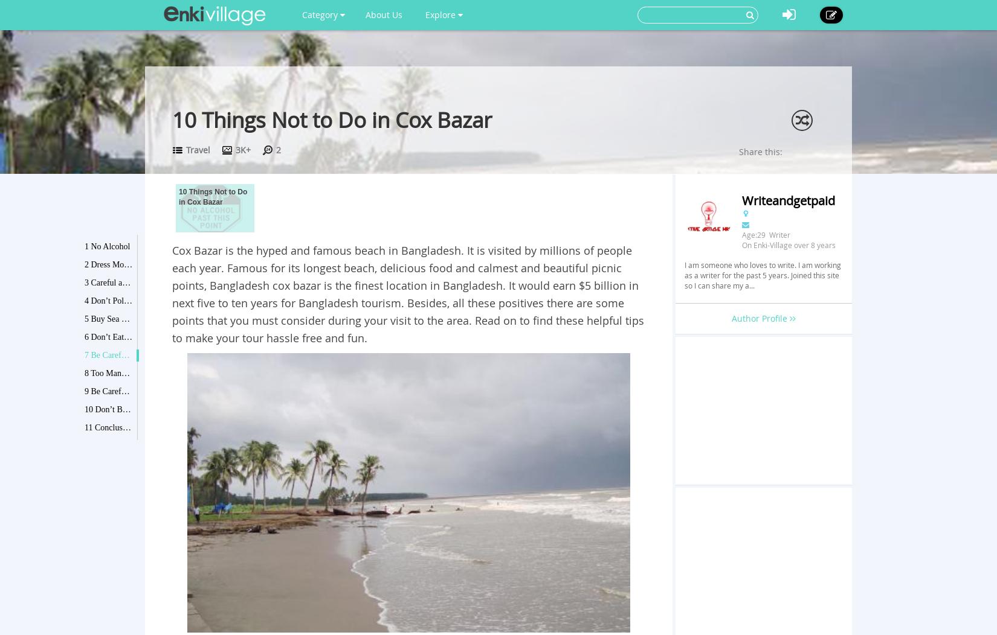 Image resolution: width=997 pixels, height=635 pixels. Describe the element at coordinates (759, 318) in the screenshot. I see `'Author Profile'` at that location.